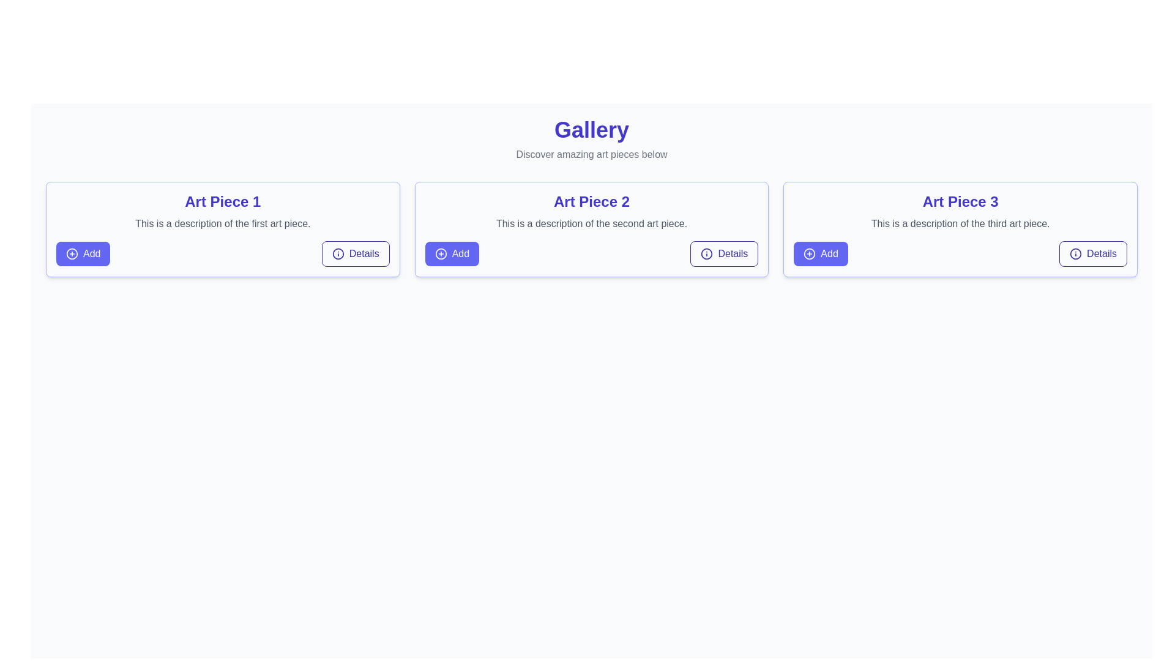 The height and width of the screenshot is (661, 1175). I want to click on the circular icon with a plus sign inside the button labeled 'Add' located in the lower left corner of the first card labeled 'Art Piece 1', so click(72, 253).